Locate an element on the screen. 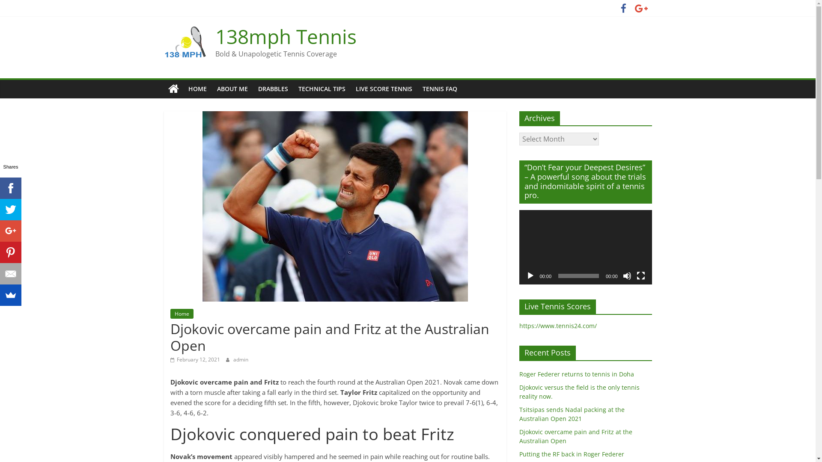 This screenshot has width=822, height=462. 'Fullscreen' is located at coordinates (640, 275).